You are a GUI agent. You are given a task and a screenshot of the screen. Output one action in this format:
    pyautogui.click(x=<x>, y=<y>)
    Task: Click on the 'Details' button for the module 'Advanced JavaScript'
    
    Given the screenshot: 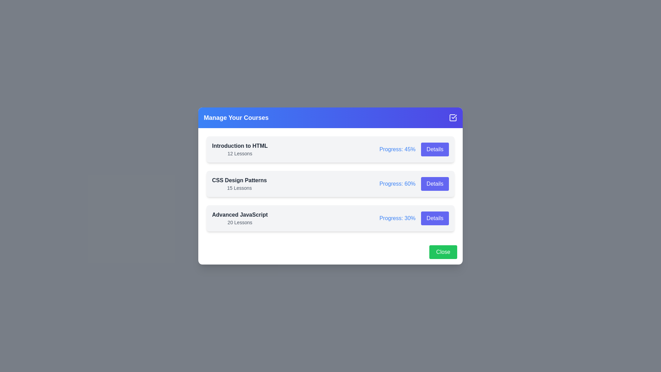 What is the action you would take?
    pyautogui.click(x=434, y=218)
    